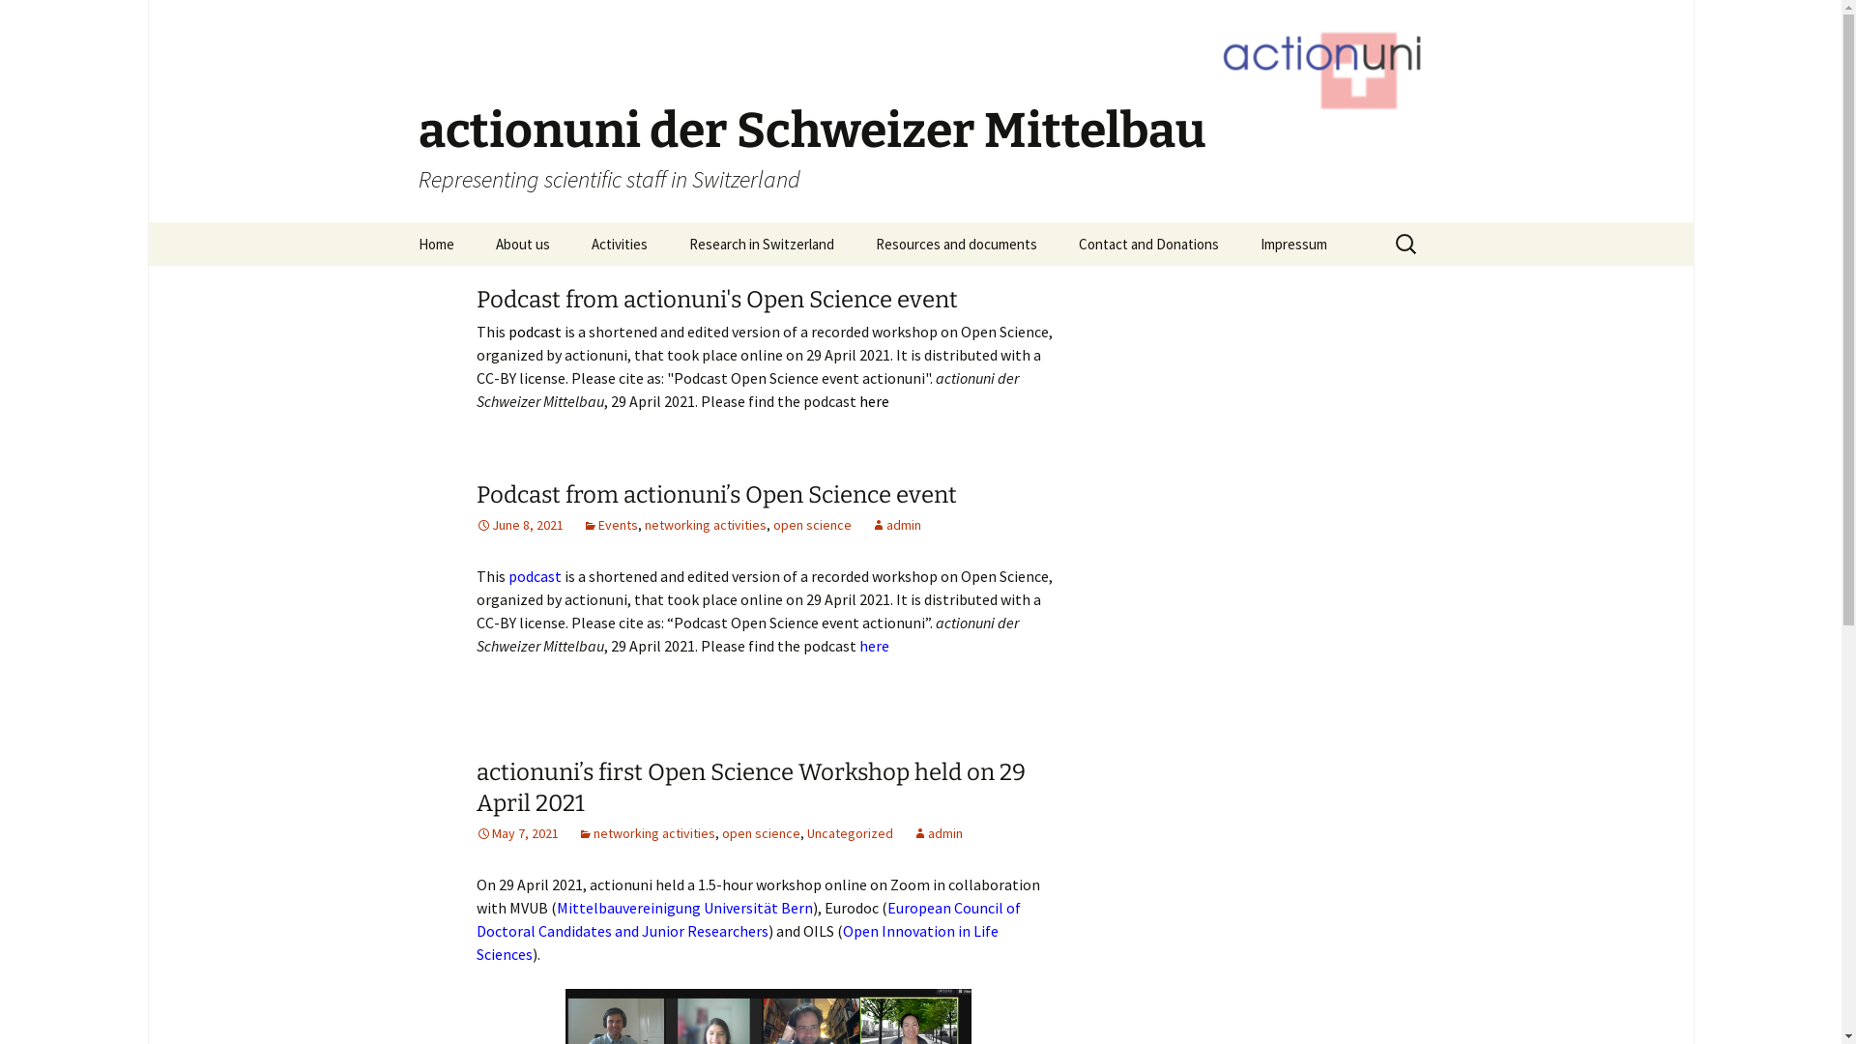 This screenshot has height=1044, width=1856. What do you see at coordinates (1148, 243) in the screenshot?
I see `'Contact and Donations'` at bounding box center [1148, 243].